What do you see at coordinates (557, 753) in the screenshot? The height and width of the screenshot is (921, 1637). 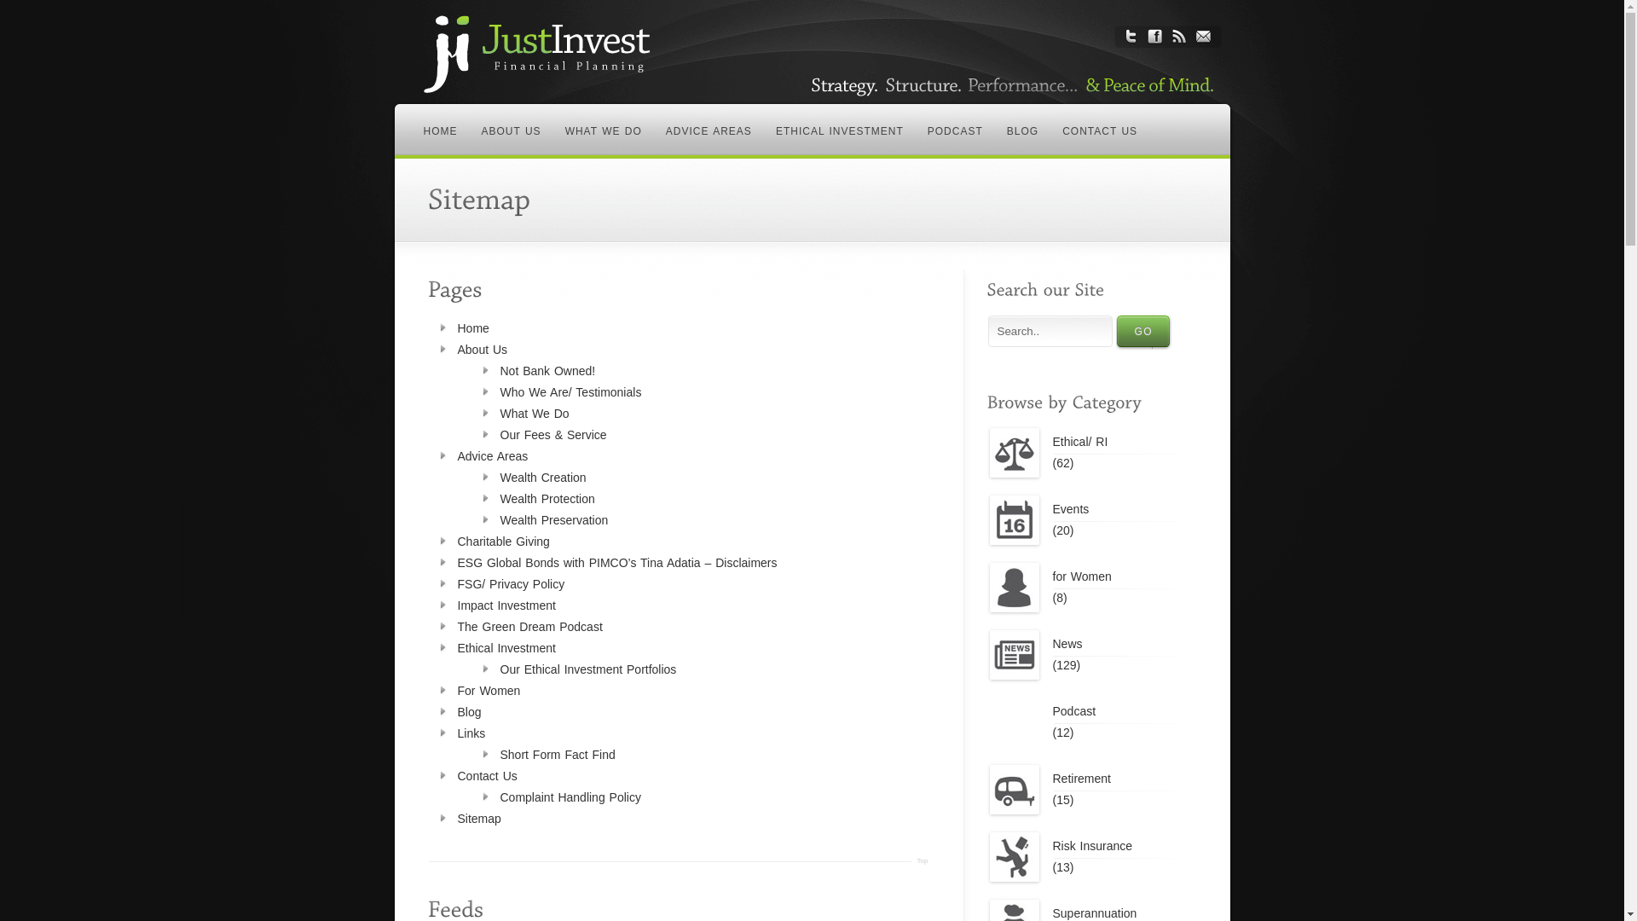 I see `'Short Form Fact Find'` at bounding box center [557, 753].